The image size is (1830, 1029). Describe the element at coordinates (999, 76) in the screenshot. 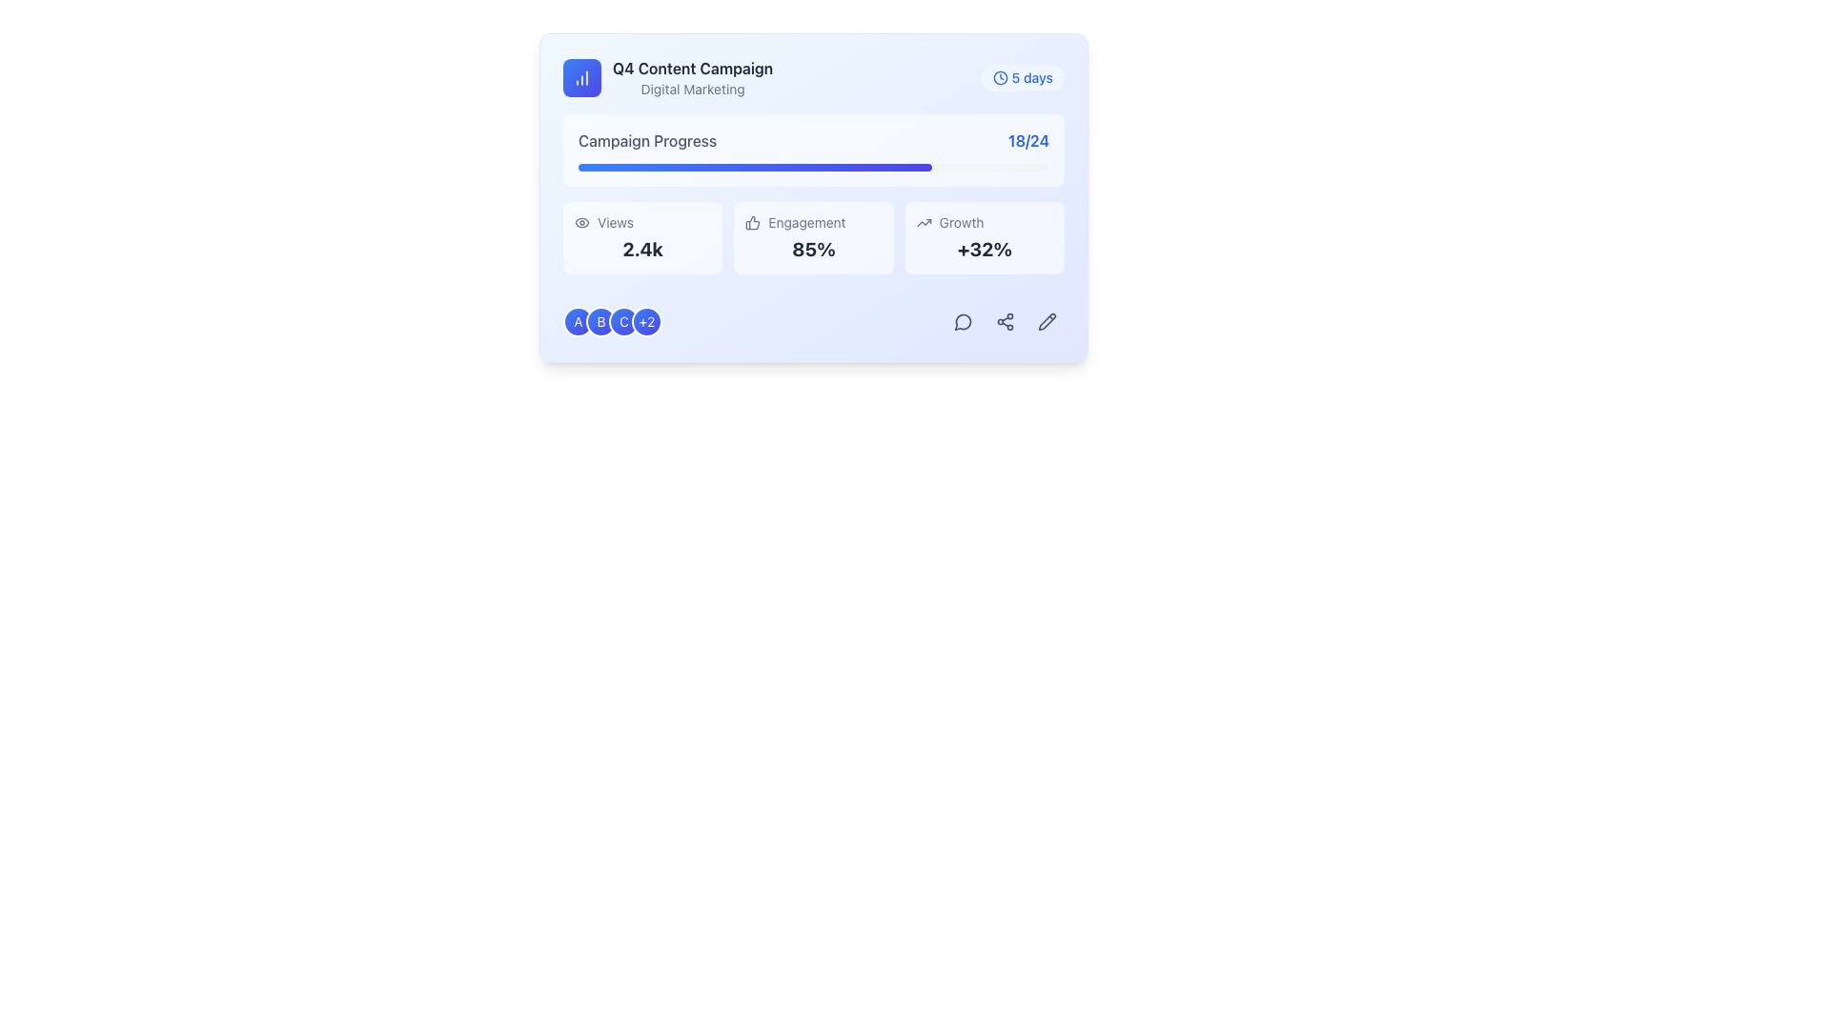

I see `outer circular boundary of the clock icon at the top-right corner of the 'Q4 Content Campaign' card for styling` at that location.